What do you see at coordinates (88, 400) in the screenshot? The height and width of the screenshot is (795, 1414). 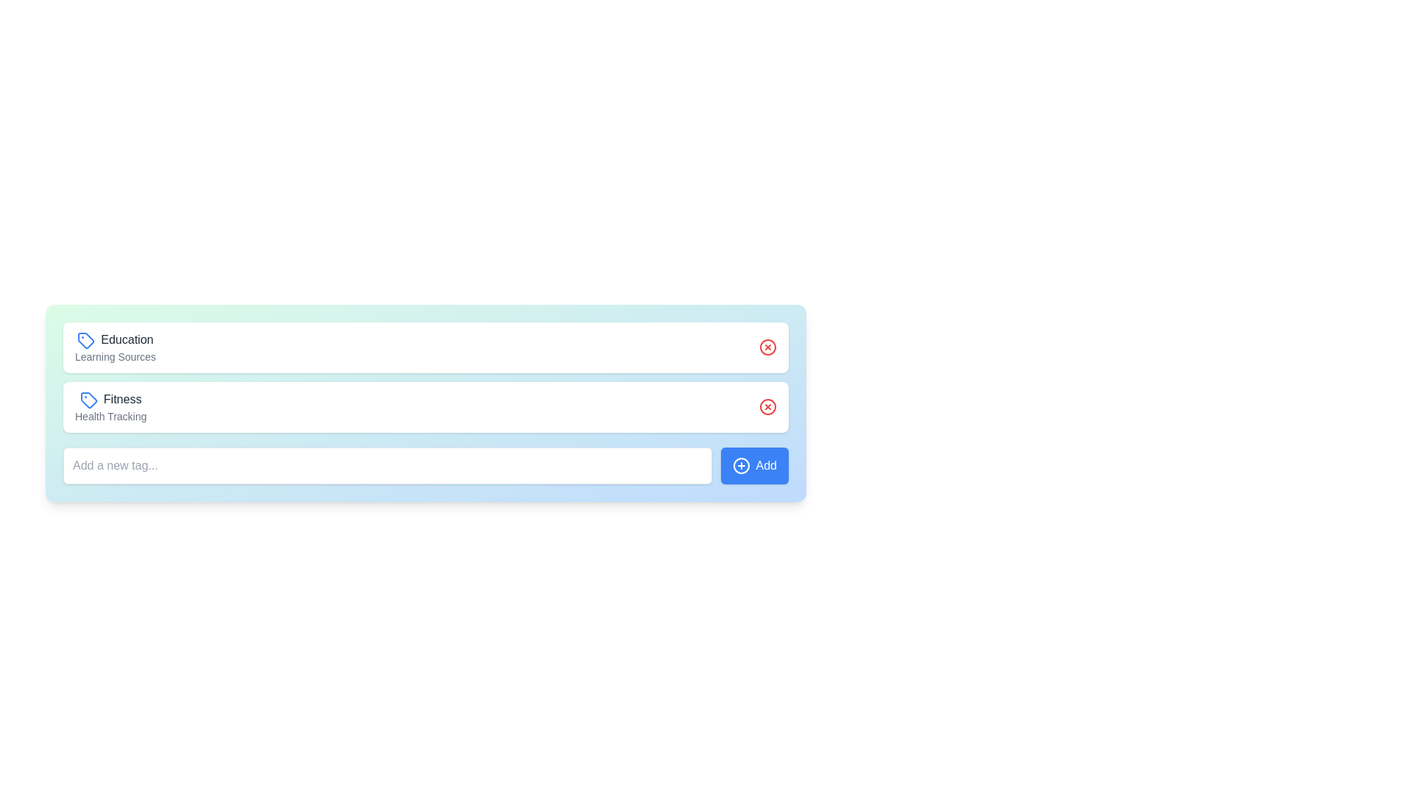 I see `the data associated with the leftmost icon in the second row under the 'Fitness' category, which is a blue outlined tag shape adjacent to text labels` at bounding box center [88, 400].